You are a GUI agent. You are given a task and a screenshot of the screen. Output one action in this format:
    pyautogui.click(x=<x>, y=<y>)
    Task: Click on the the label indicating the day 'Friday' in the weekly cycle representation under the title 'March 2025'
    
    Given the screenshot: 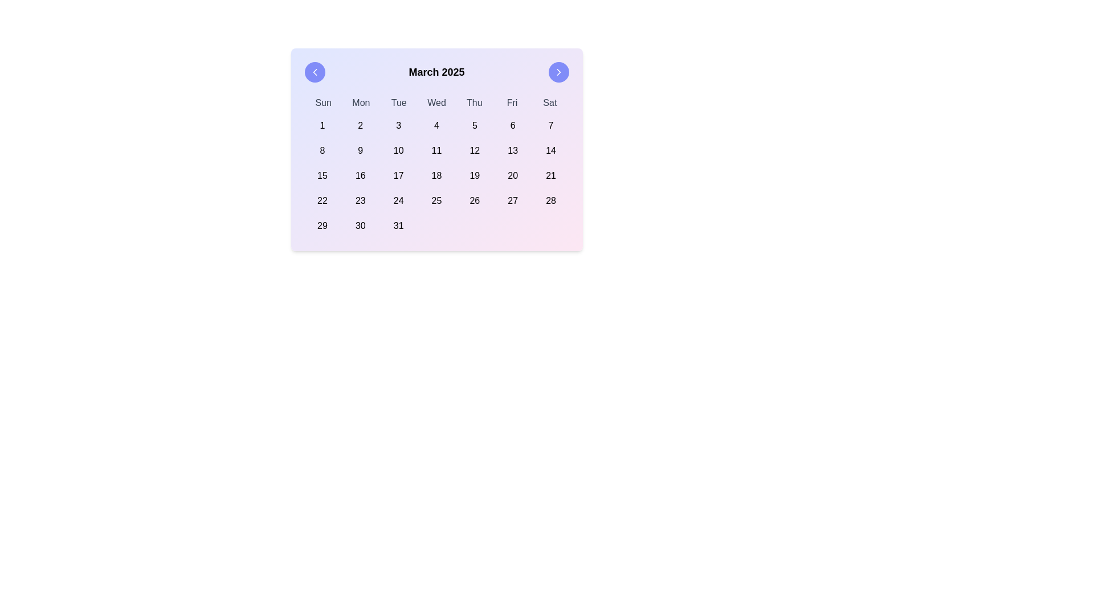 What is the action you would take?
    pyautogui.click(x=512, y=103)
    